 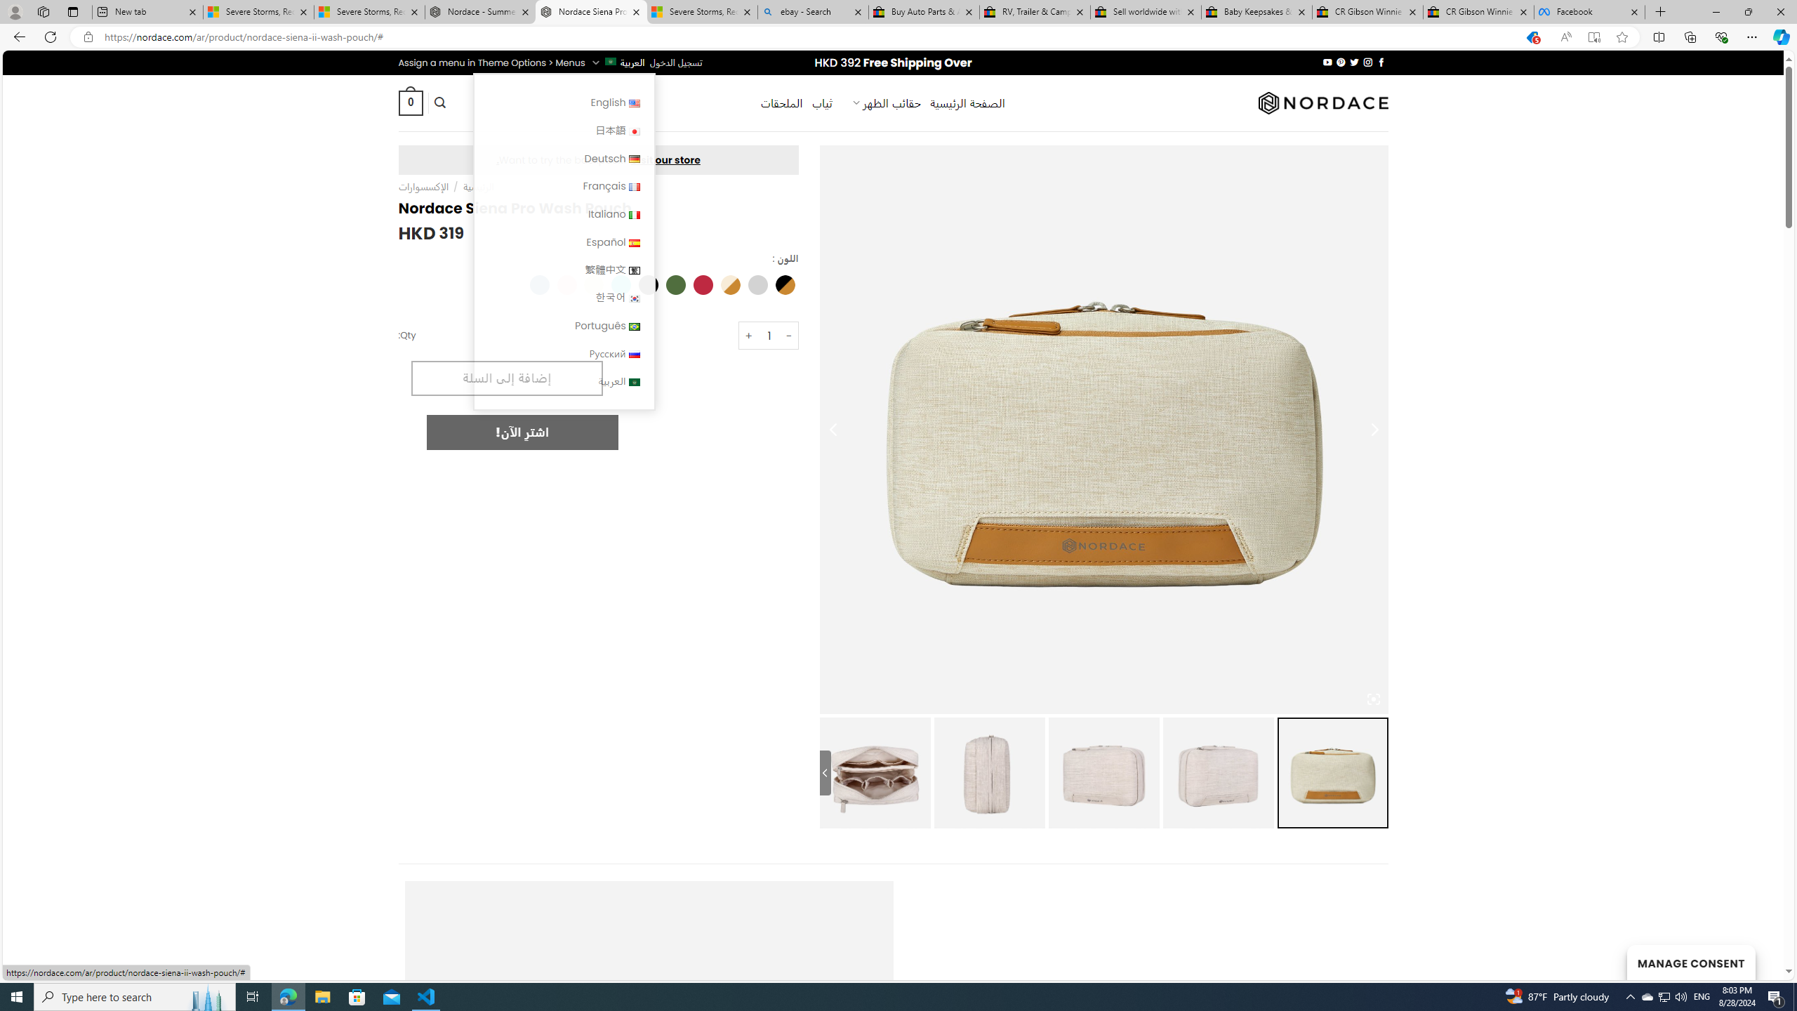 I want to click on 'Nordace', so click(x=1322, y=102).